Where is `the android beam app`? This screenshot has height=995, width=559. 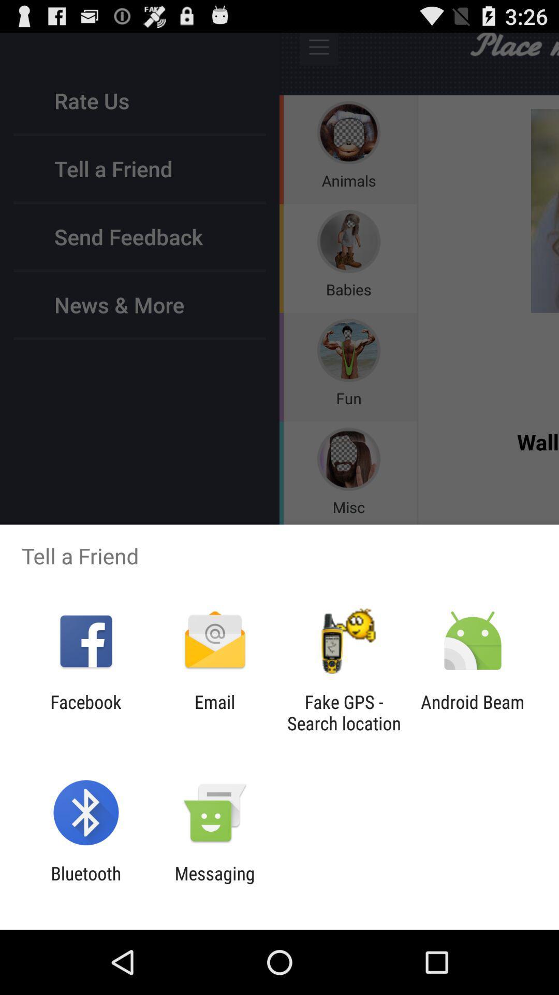
the android beam app is located at coordinates (473, 712).